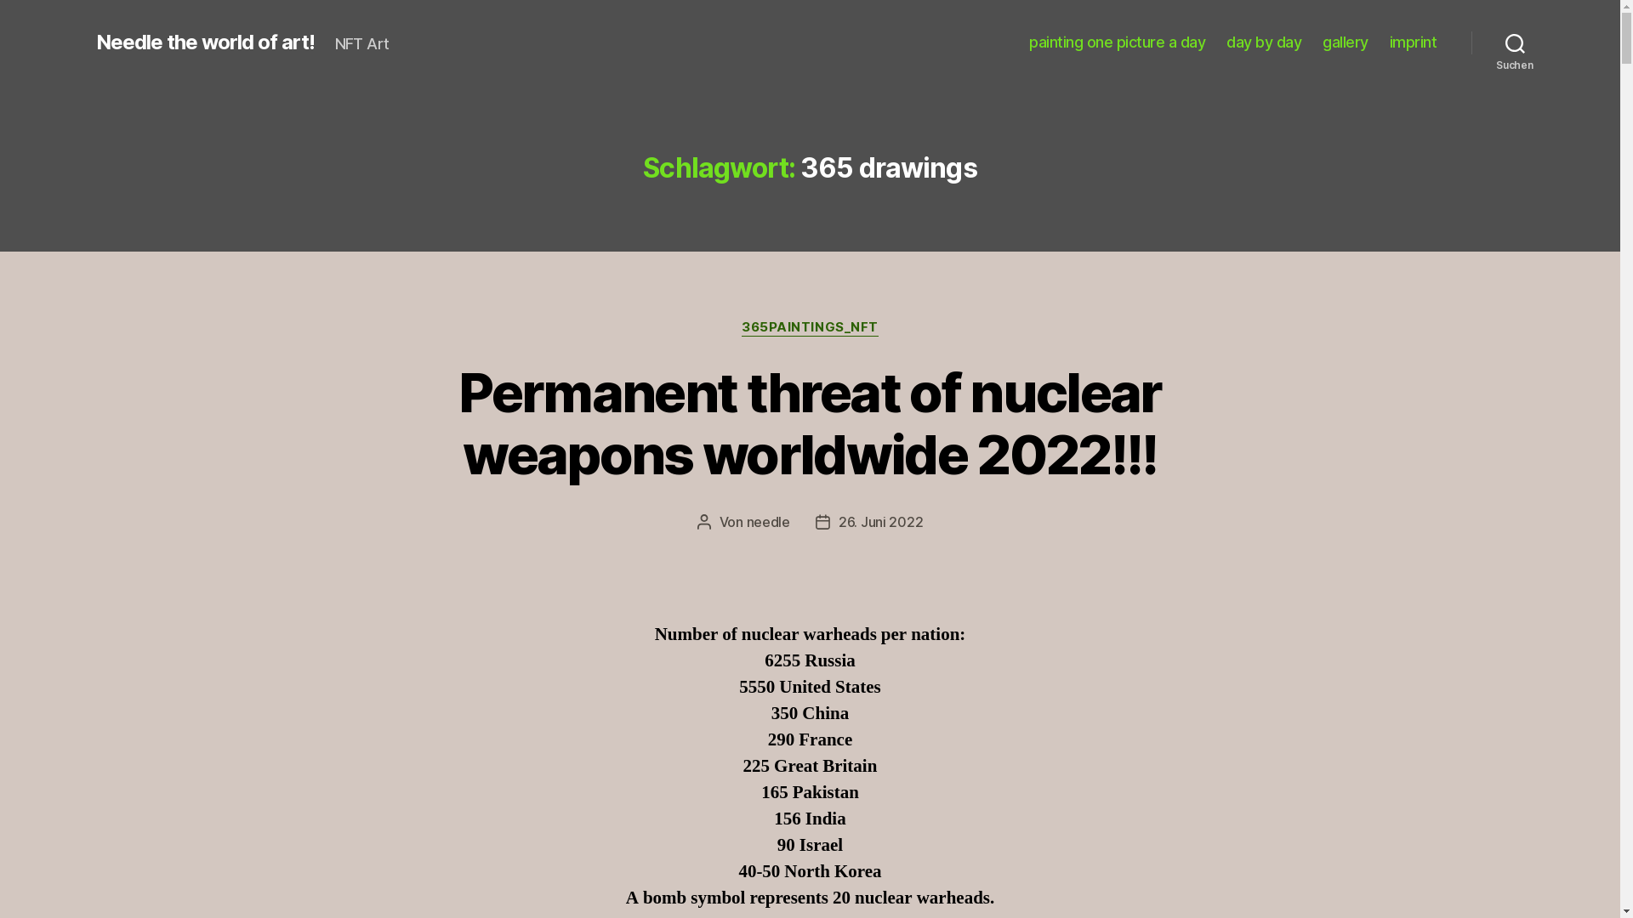 This screenshot has height=918, width=1633. What do you see at coordinates (1345, 42) in the screenshot?
I see `'gallery'` at bounding box center [1345, 42].